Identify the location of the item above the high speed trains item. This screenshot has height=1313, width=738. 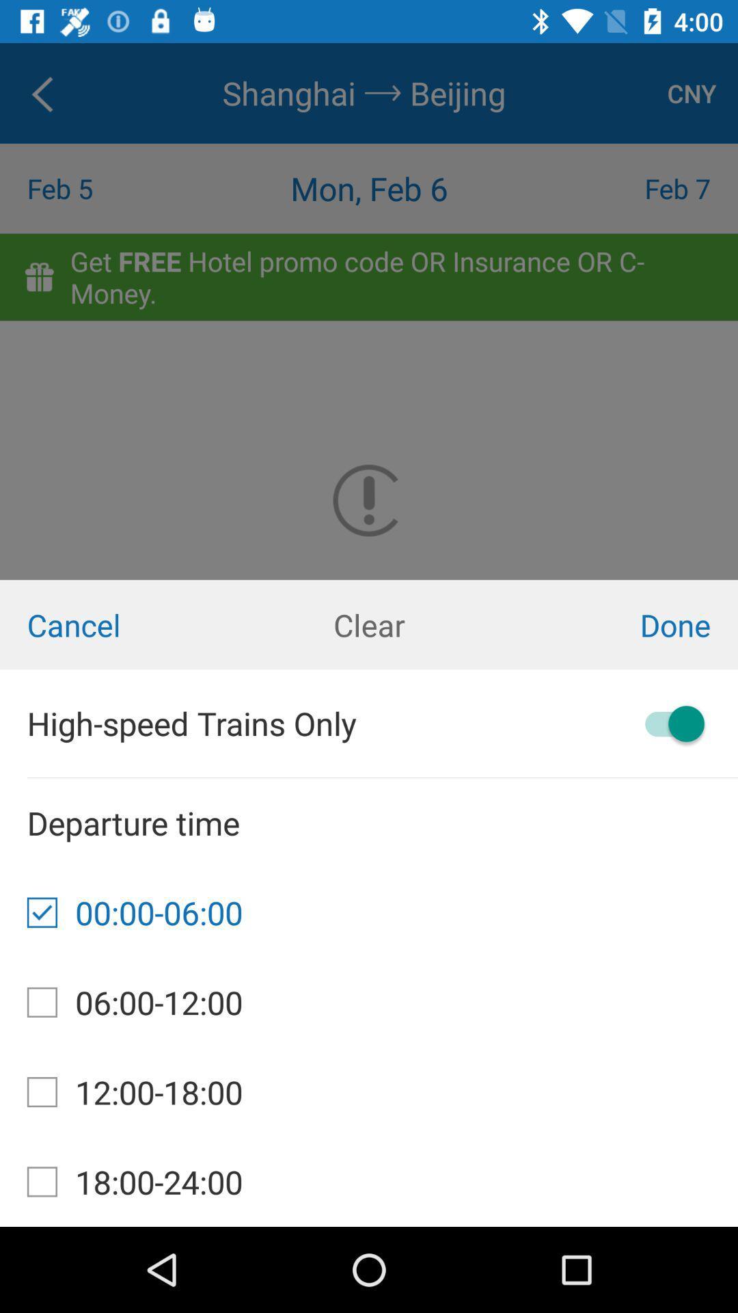
(123, 624).